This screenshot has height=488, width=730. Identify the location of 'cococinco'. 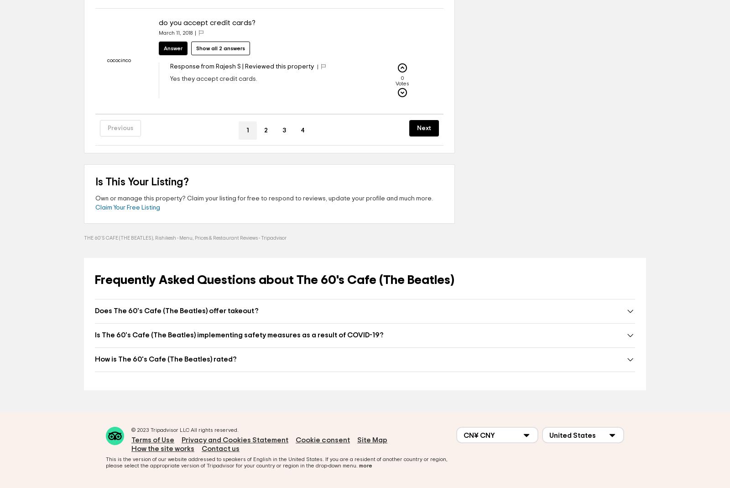
(107, 60).